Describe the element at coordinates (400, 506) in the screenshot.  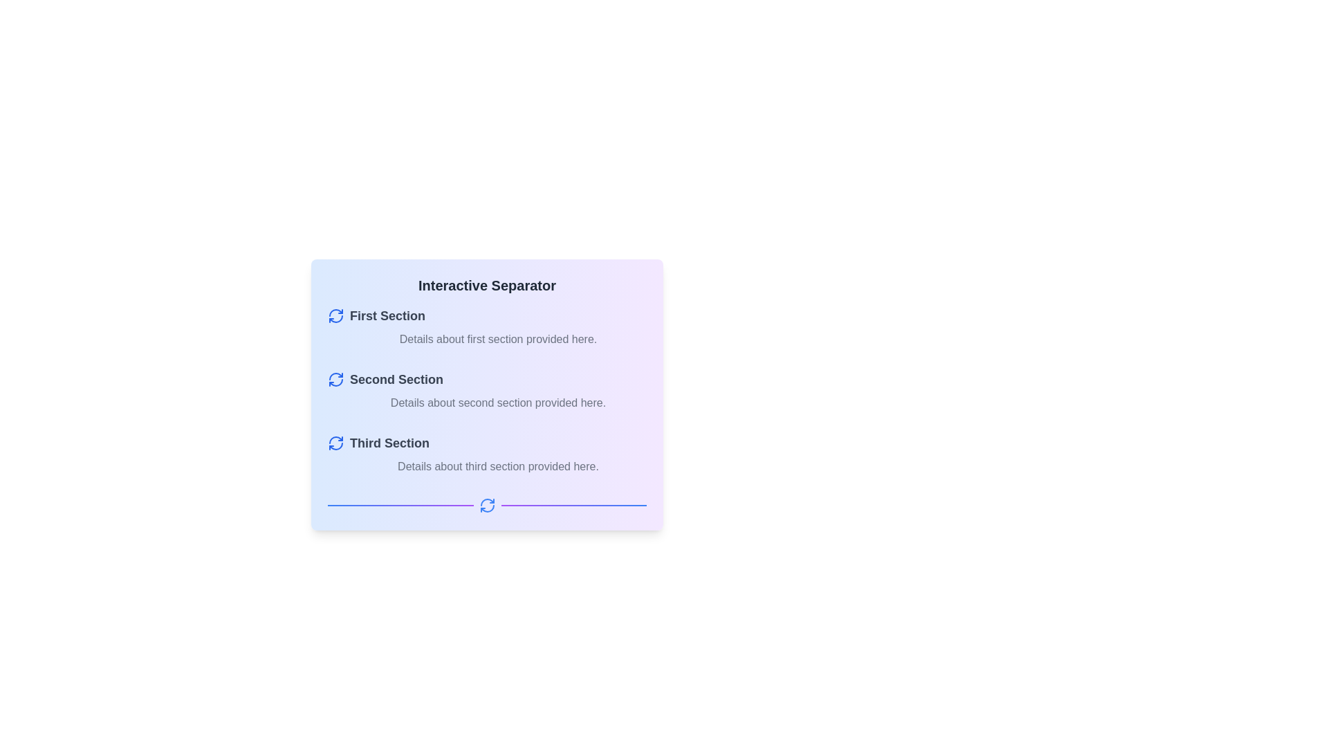
I see `the decorative horizontal separator positioned to the left of the refresh icon, which serves as a visual section break` at that location.